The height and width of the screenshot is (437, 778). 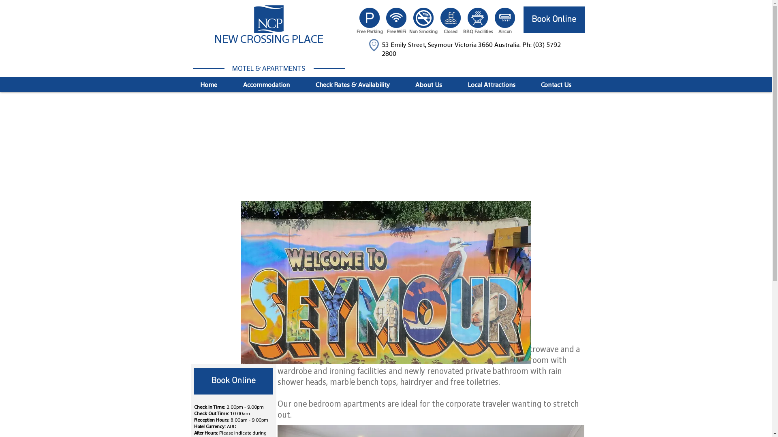 What do you see at coordinates (396, 17) in the screenshot?
I see `'icon_wifi-w.png'` at bounding box center [396, 17].